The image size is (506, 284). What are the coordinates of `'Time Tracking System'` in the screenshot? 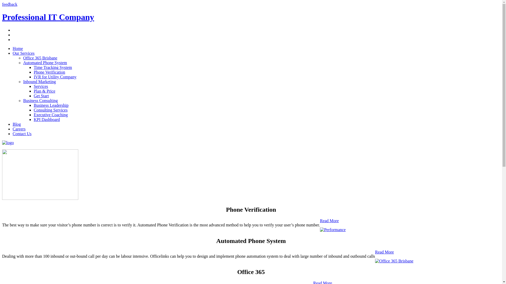 It's located at (53, 67).